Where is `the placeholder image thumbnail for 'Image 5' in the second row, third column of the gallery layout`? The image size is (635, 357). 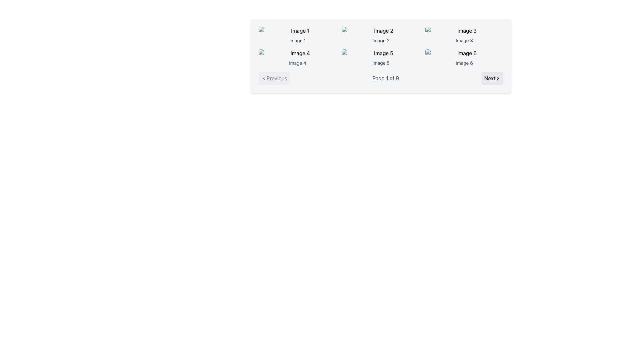
the placeholder image thumbnail for 'Image 5' in the second row, third column of the gallery layout is located at coordinates (381, 53).